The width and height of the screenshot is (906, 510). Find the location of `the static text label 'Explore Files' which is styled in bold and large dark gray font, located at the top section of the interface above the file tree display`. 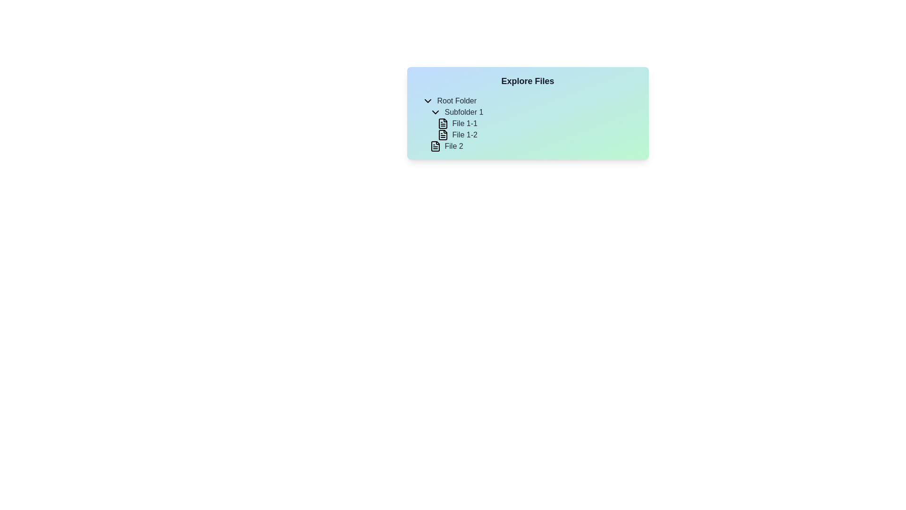

the static text label 'Explore Files' which is styled in bold and large dark gray font, located at the top section of the interface above the file tree display is located at coordinates (527, 81).